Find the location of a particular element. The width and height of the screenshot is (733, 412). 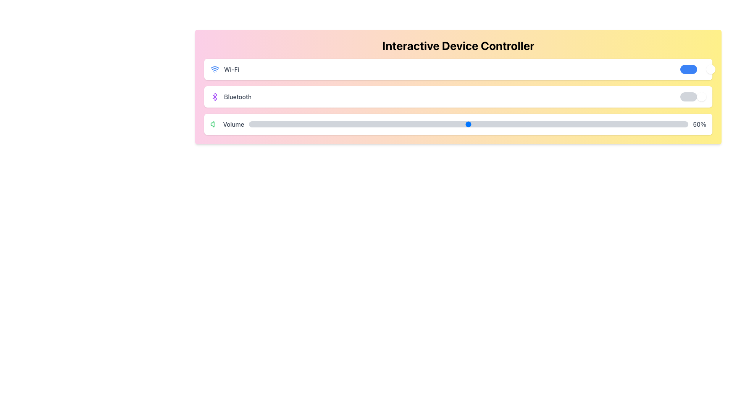

the volume is located at coordinates (381, 124).